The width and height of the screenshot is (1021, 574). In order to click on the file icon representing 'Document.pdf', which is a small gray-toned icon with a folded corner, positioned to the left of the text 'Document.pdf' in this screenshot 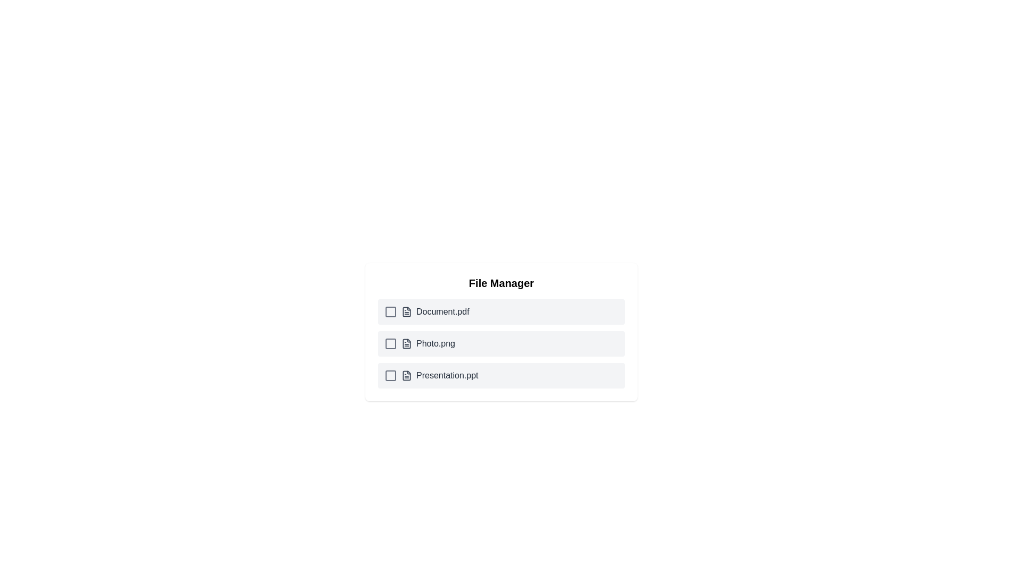, I will do `click(406, 311)`.